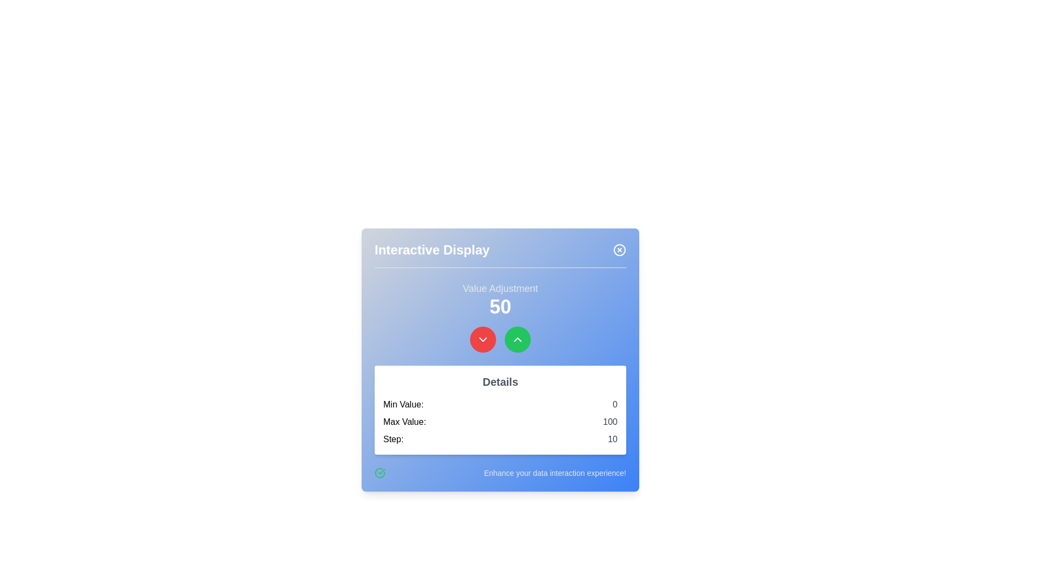  What do you see at coordinates (499, 307) in the screenshot?
I see `the Text Display element that shows the value '50' in a large, bold, white font against a blue background` at bounding box center [499, 307].